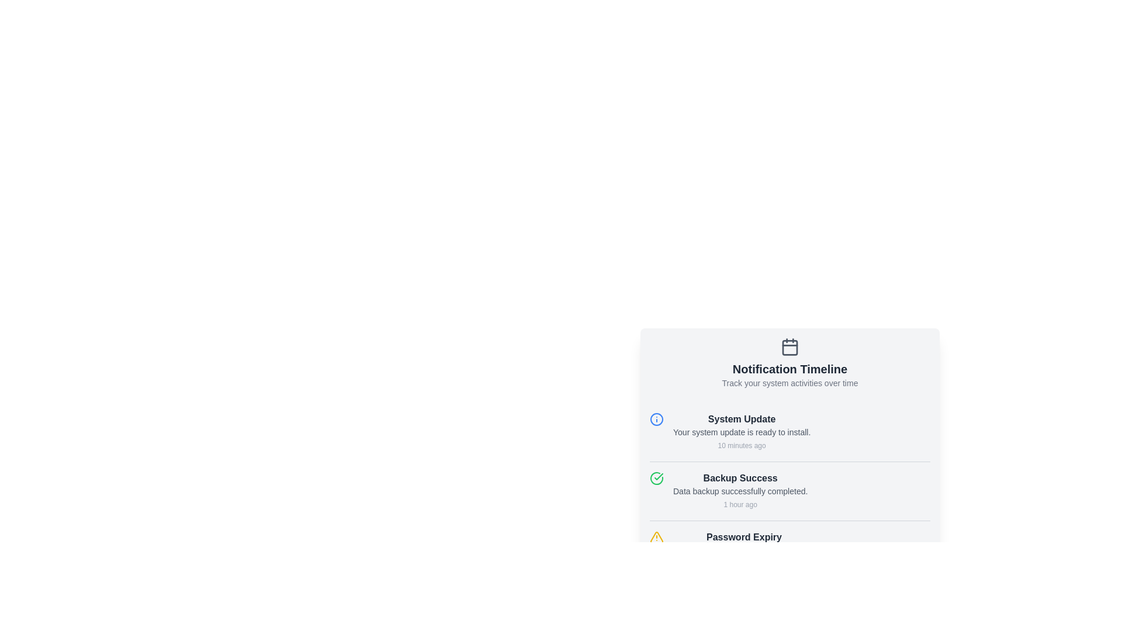 The width and height of the screenshot is (1122, 631). I want to click on the notification title in the white rounded notification card located in the bottom-right region of the interface, so click(790, 421).